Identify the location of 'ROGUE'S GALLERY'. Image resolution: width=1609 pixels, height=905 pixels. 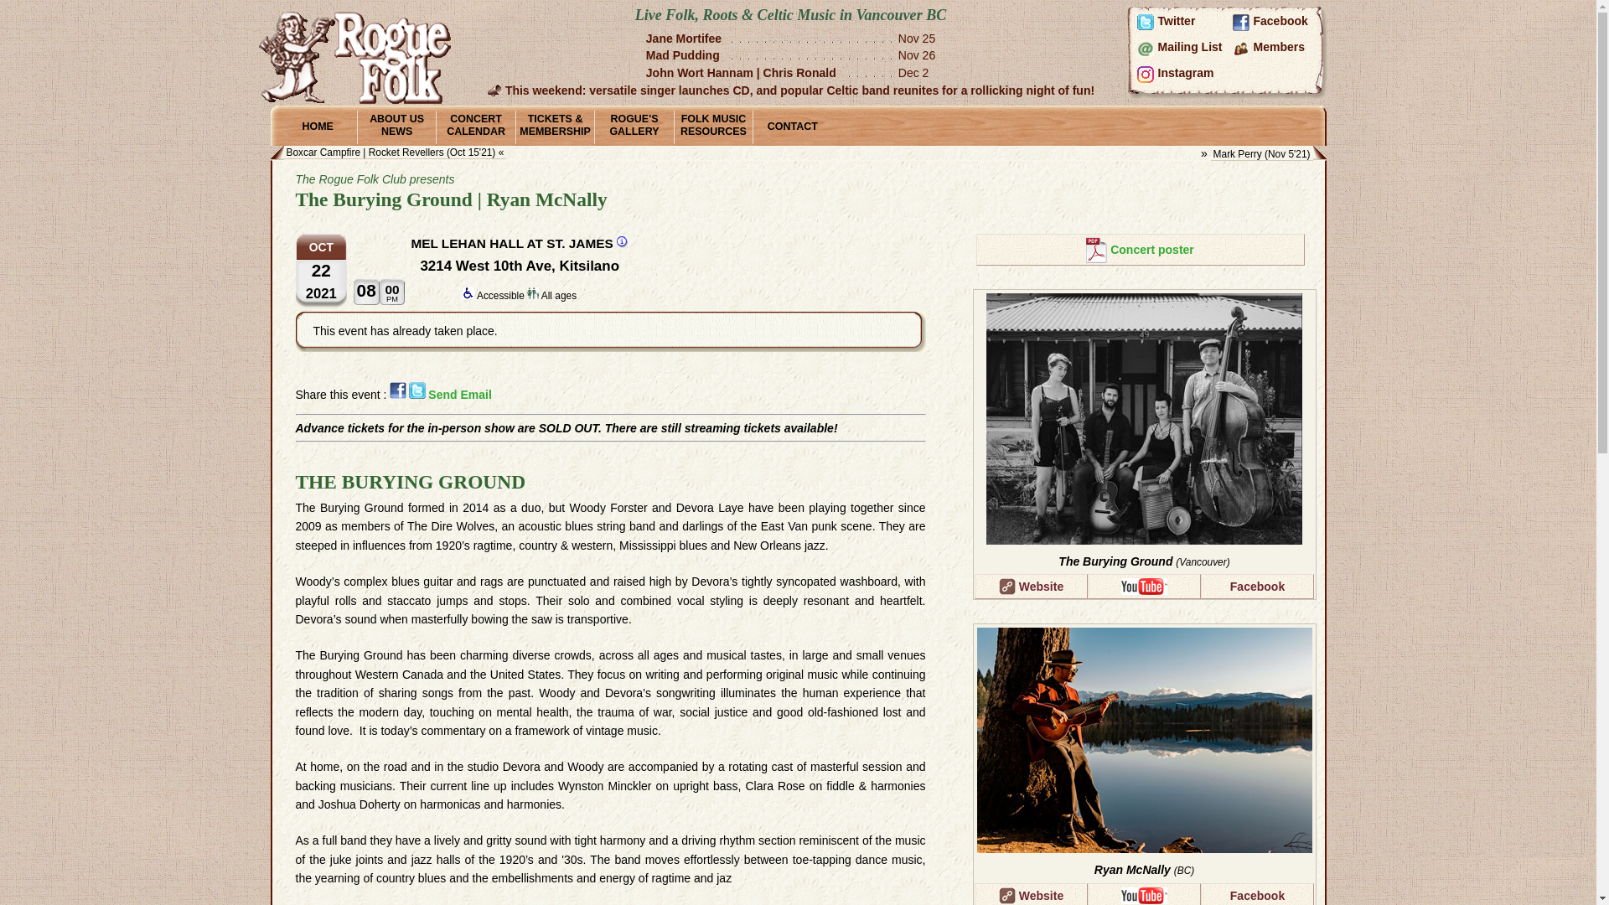
(632, 126).